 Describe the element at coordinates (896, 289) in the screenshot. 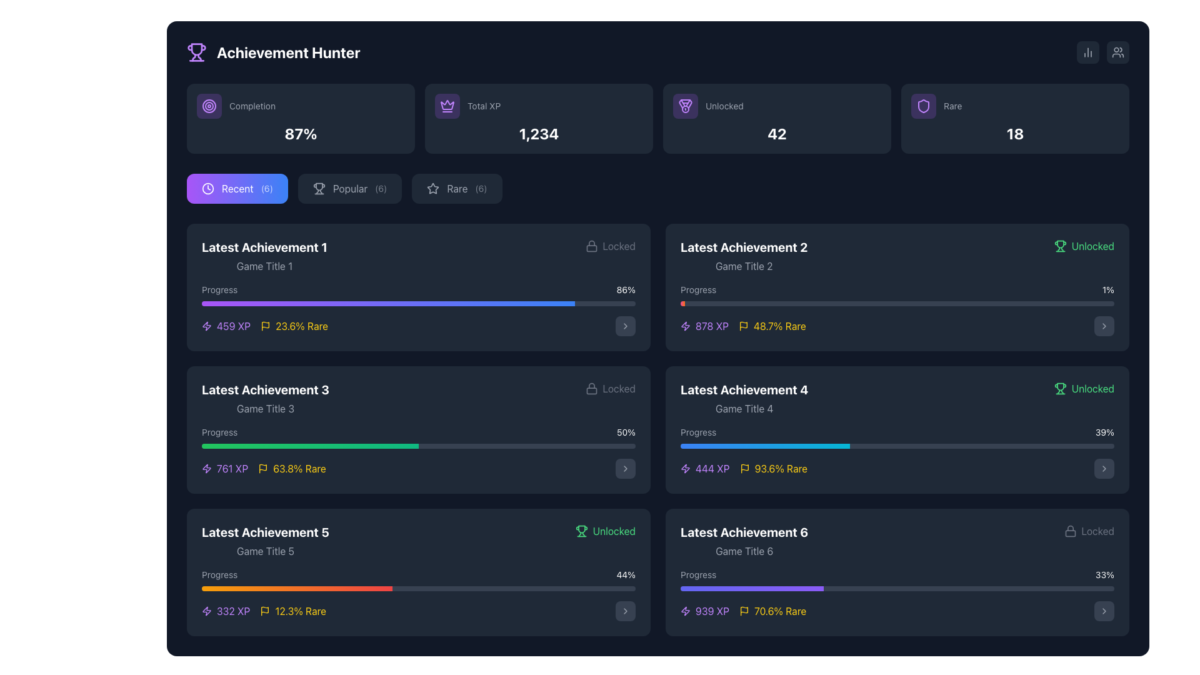

I see `textual information displayed in the 'Latest Achievement 2' section, specifically the segments 'Progress' in gray and '1%' in white` at that location.